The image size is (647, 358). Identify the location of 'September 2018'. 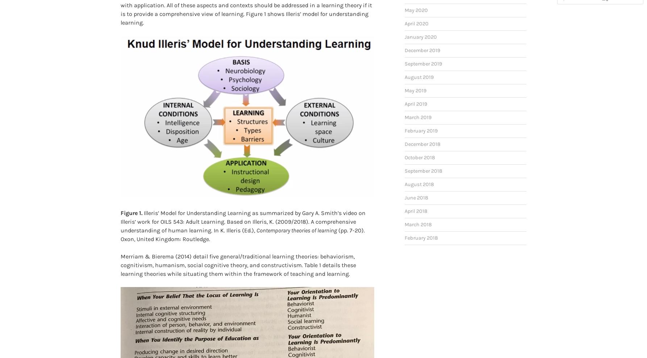
(423, 159).